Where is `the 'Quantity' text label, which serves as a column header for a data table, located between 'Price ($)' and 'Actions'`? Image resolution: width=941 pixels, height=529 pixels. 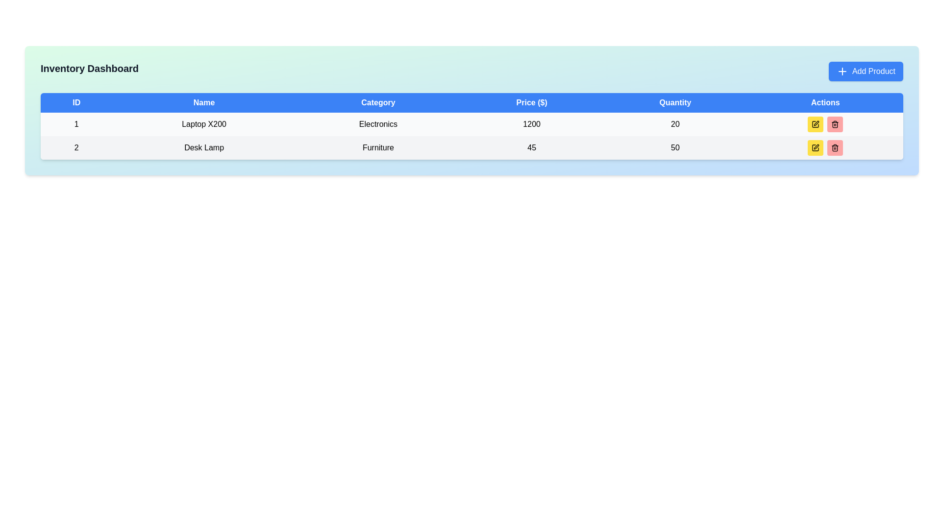
the 'Quantity' text label, which serves as a column header for a data table, located between 'Price ($)' and 'Actions' is located at coordinates (674, 102).